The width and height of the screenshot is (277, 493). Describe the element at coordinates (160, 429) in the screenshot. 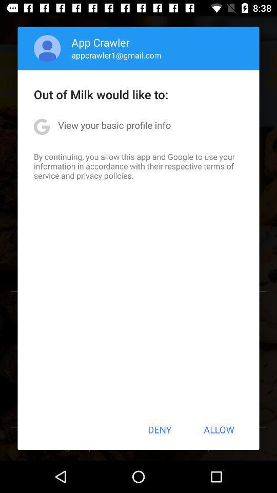

I see `icon next to the allow item` at that location.